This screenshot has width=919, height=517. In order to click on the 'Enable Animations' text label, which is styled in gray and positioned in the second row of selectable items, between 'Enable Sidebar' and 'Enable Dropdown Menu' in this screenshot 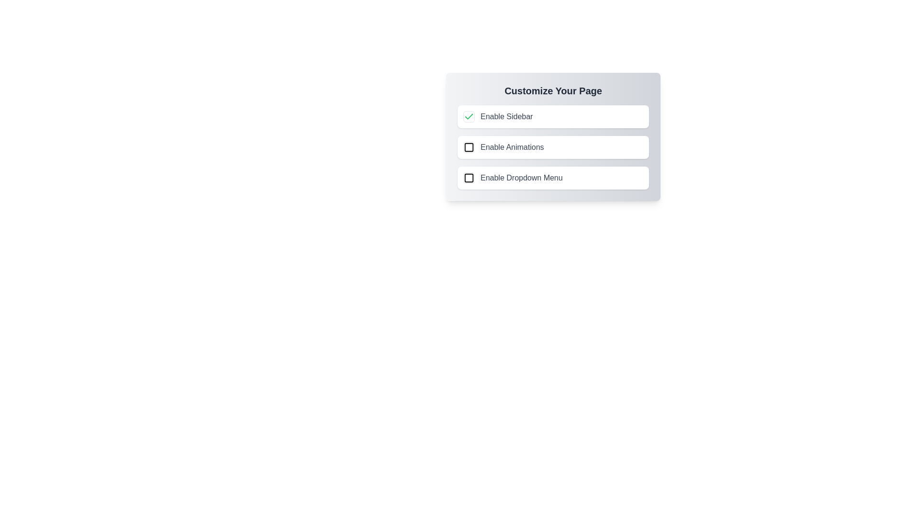, I will do `click(512, 147)`.